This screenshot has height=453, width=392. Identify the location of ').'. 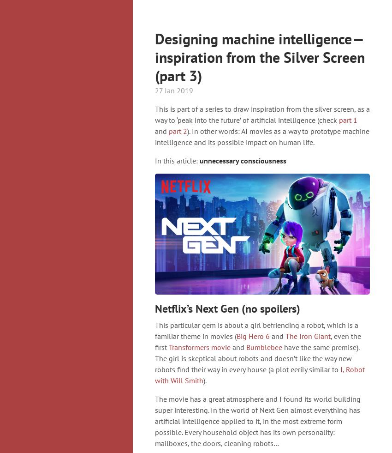
(204, 381).